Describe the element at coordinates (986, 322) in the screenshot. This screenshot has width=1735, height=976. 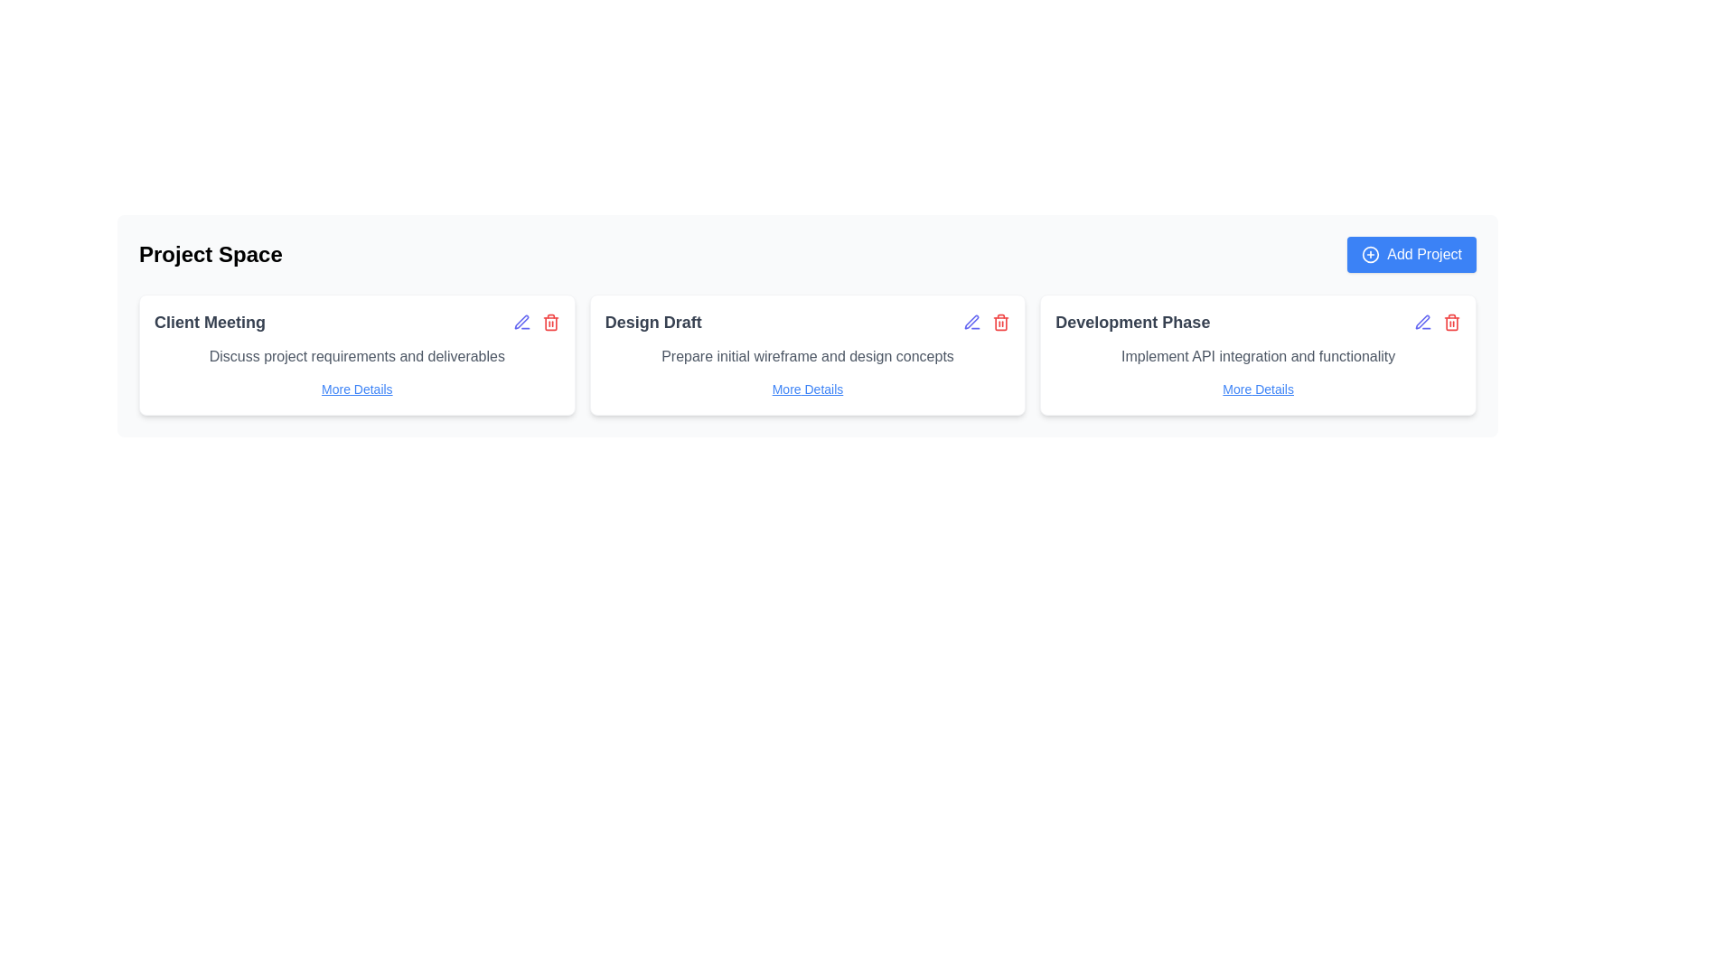
I see `the delete icon (trash can) on the composite UI component containing edit and delete buttons, positioned at the top-right of the 'Design Draft' card` at that location.